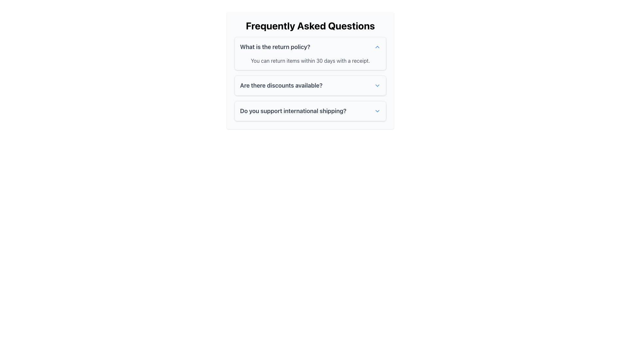  Describe the element at coordinates (310, 110) in the screenshot. I see `the third Collapsible Question Header in the Frequently Asked Questions section` at that location.